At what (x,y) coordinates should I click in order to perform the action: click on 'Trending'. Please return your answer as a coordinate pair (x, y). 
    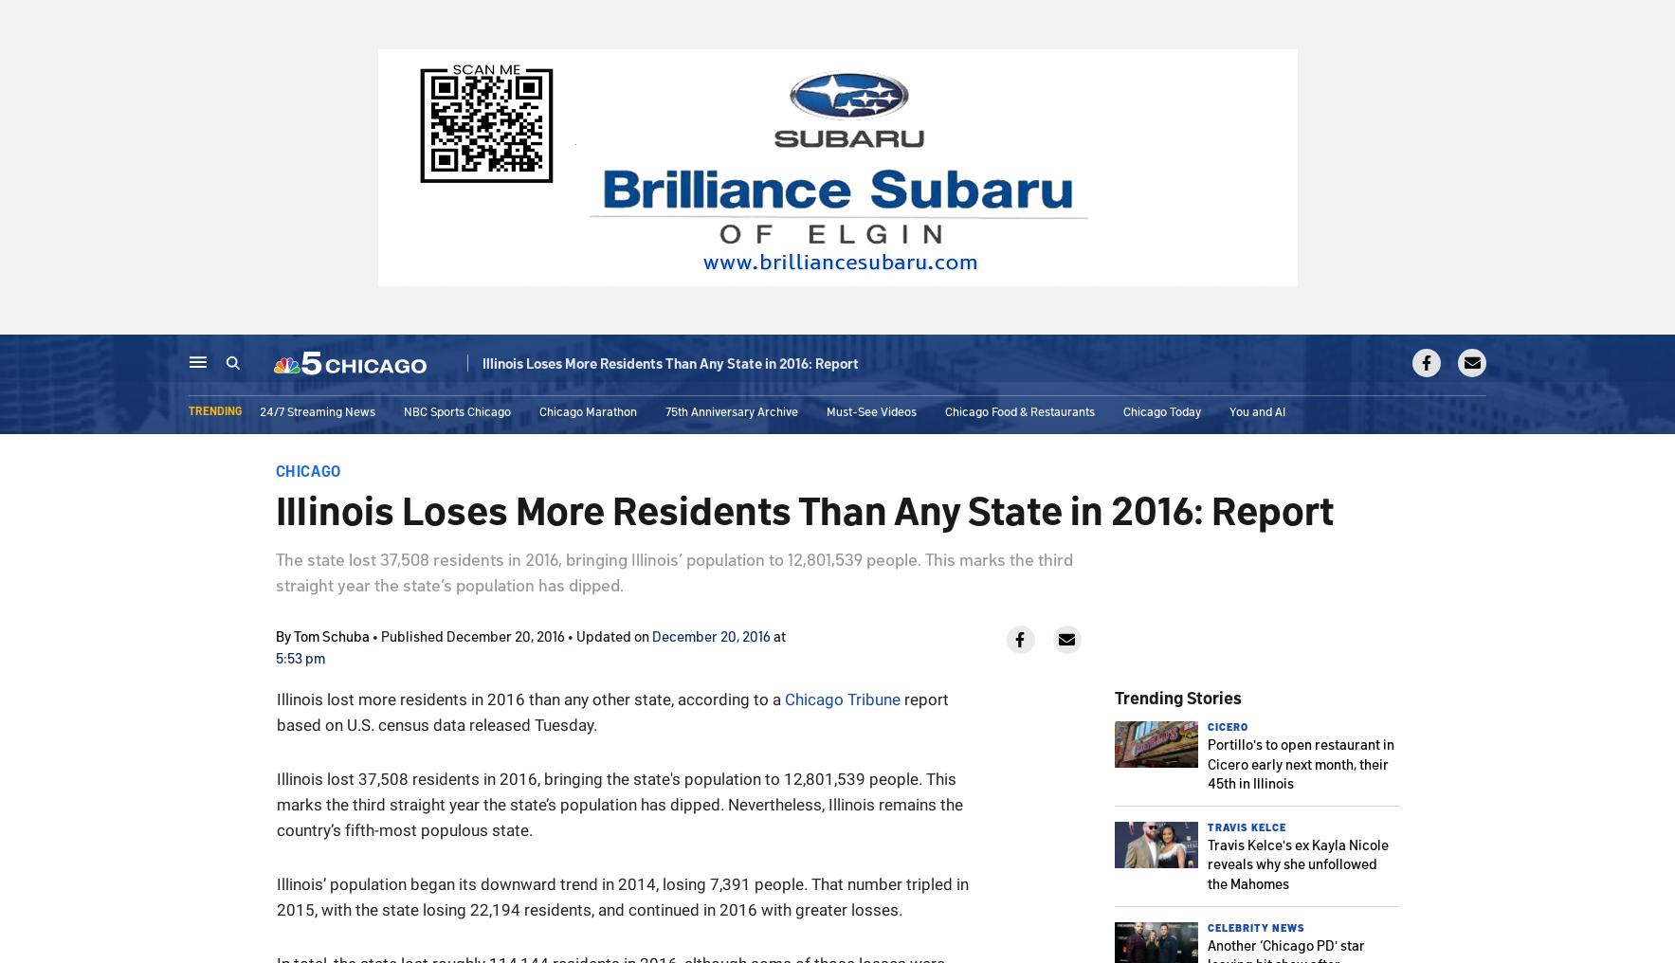
    Looking at the image, I should click on (214, 412).